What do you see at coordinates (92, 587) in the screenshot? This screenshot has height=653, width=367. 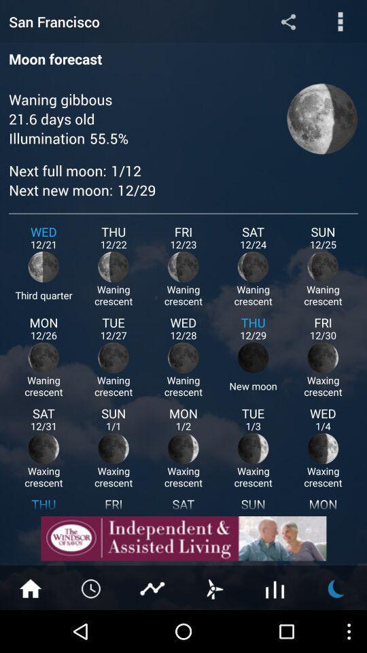 I see `clcok option` at bounding box center [92, 587].